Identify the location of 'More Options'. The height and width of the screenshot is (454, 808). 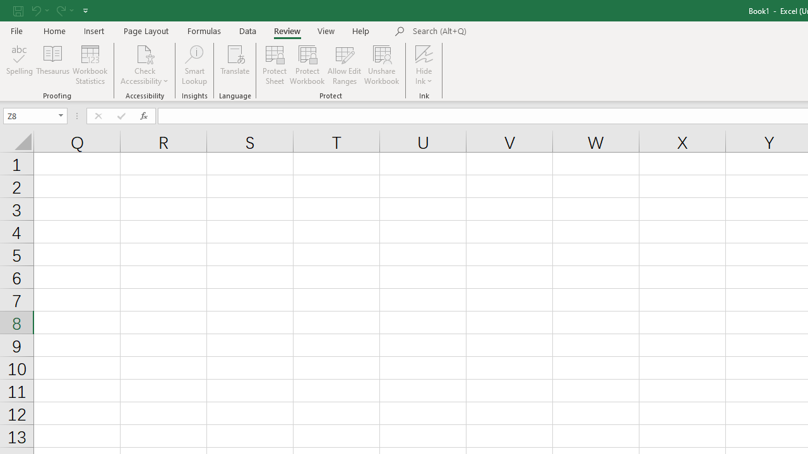
(424, 76).